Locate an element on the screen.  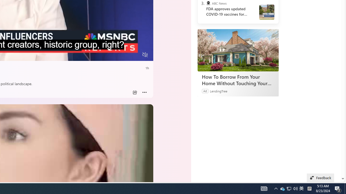
'Class: at-item inline-watch' is located at coordinates (144, 92).